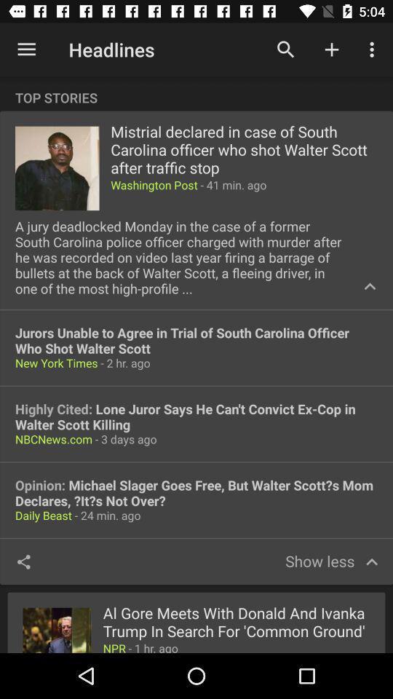  Describe the element at coordinates (331, 561) in the screenshot. I see `the button along with the text show less` at that location.